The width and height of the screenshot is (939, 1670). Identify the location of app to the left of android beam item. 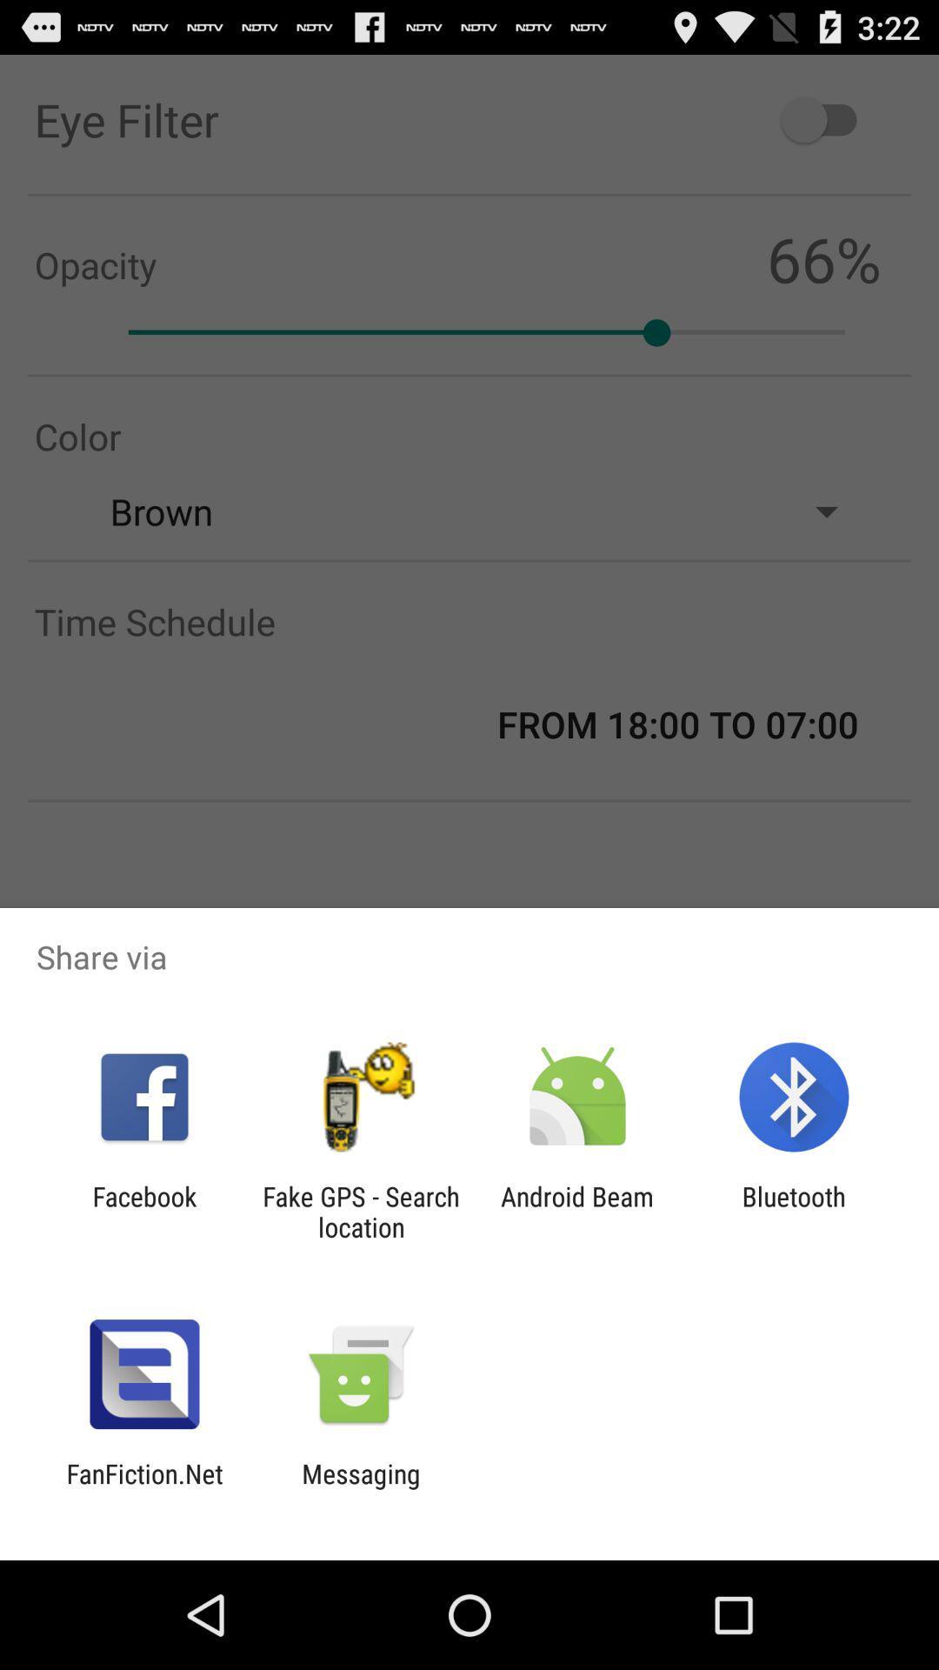
(360, 1211).